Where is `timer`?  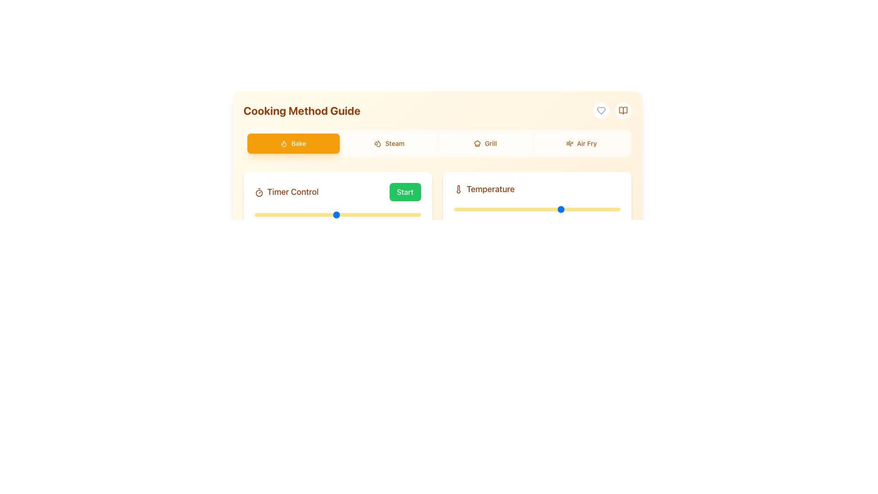
timer is located at coordinates (254, 215).